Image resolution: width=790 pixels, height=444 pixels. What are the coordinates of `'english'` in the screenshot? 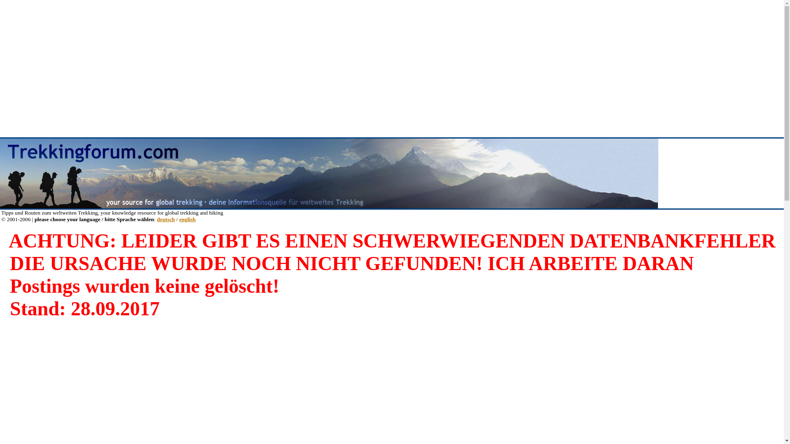 It's located at (187, 219).